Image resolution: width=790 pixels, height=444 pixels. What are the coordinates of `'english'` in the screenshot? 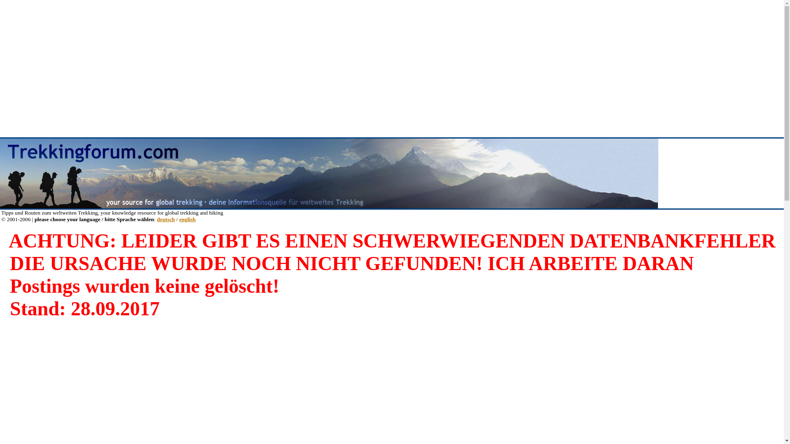 It's located at (187, 219).